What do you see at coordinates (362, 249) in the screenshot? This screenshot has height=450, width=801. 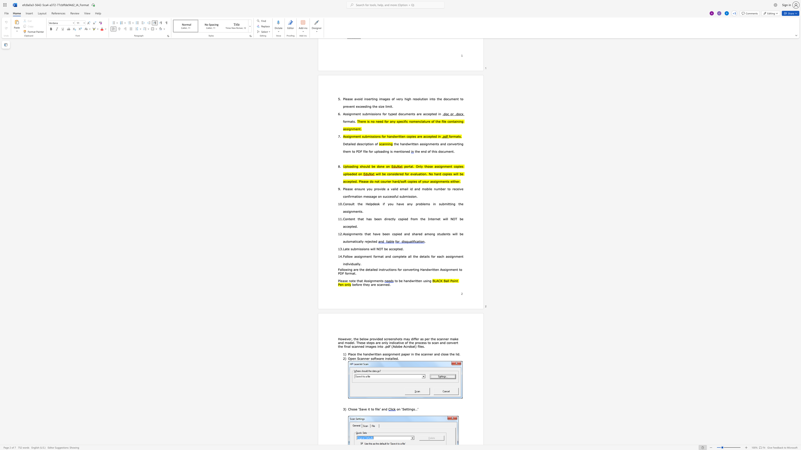 I see `the 3th character "s" in the text` at bounding box center [362, 249].